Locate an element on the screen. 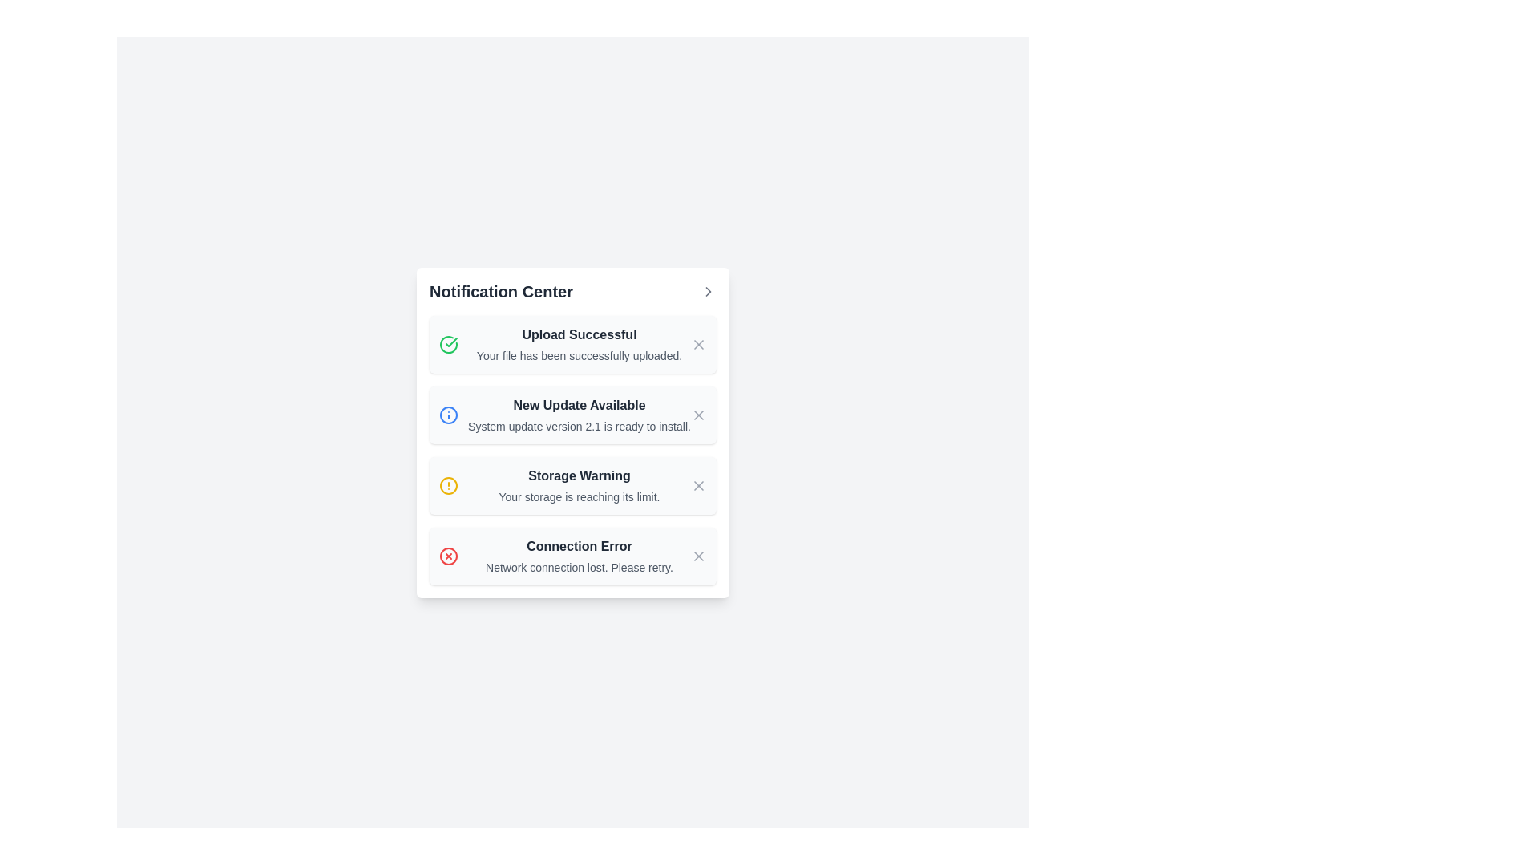  the dismiss button located at the top-right corner of the 'Upload Successful' notification card is located at coordinates (698, 343).